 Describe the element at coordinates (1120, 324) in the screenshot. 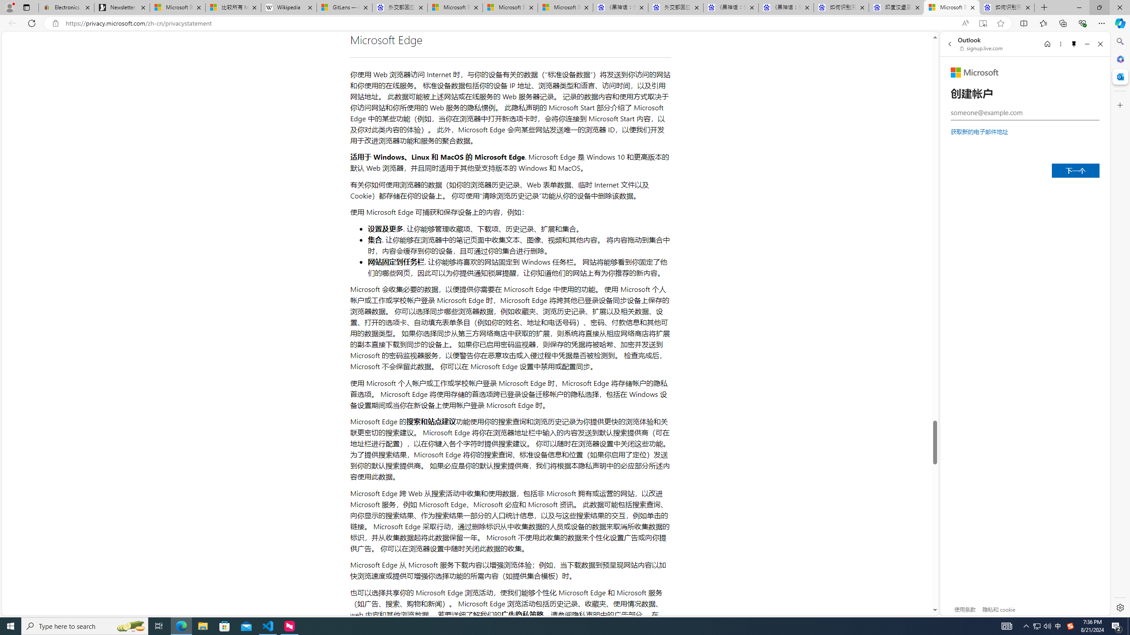

I see `'Side bar'` at that location.